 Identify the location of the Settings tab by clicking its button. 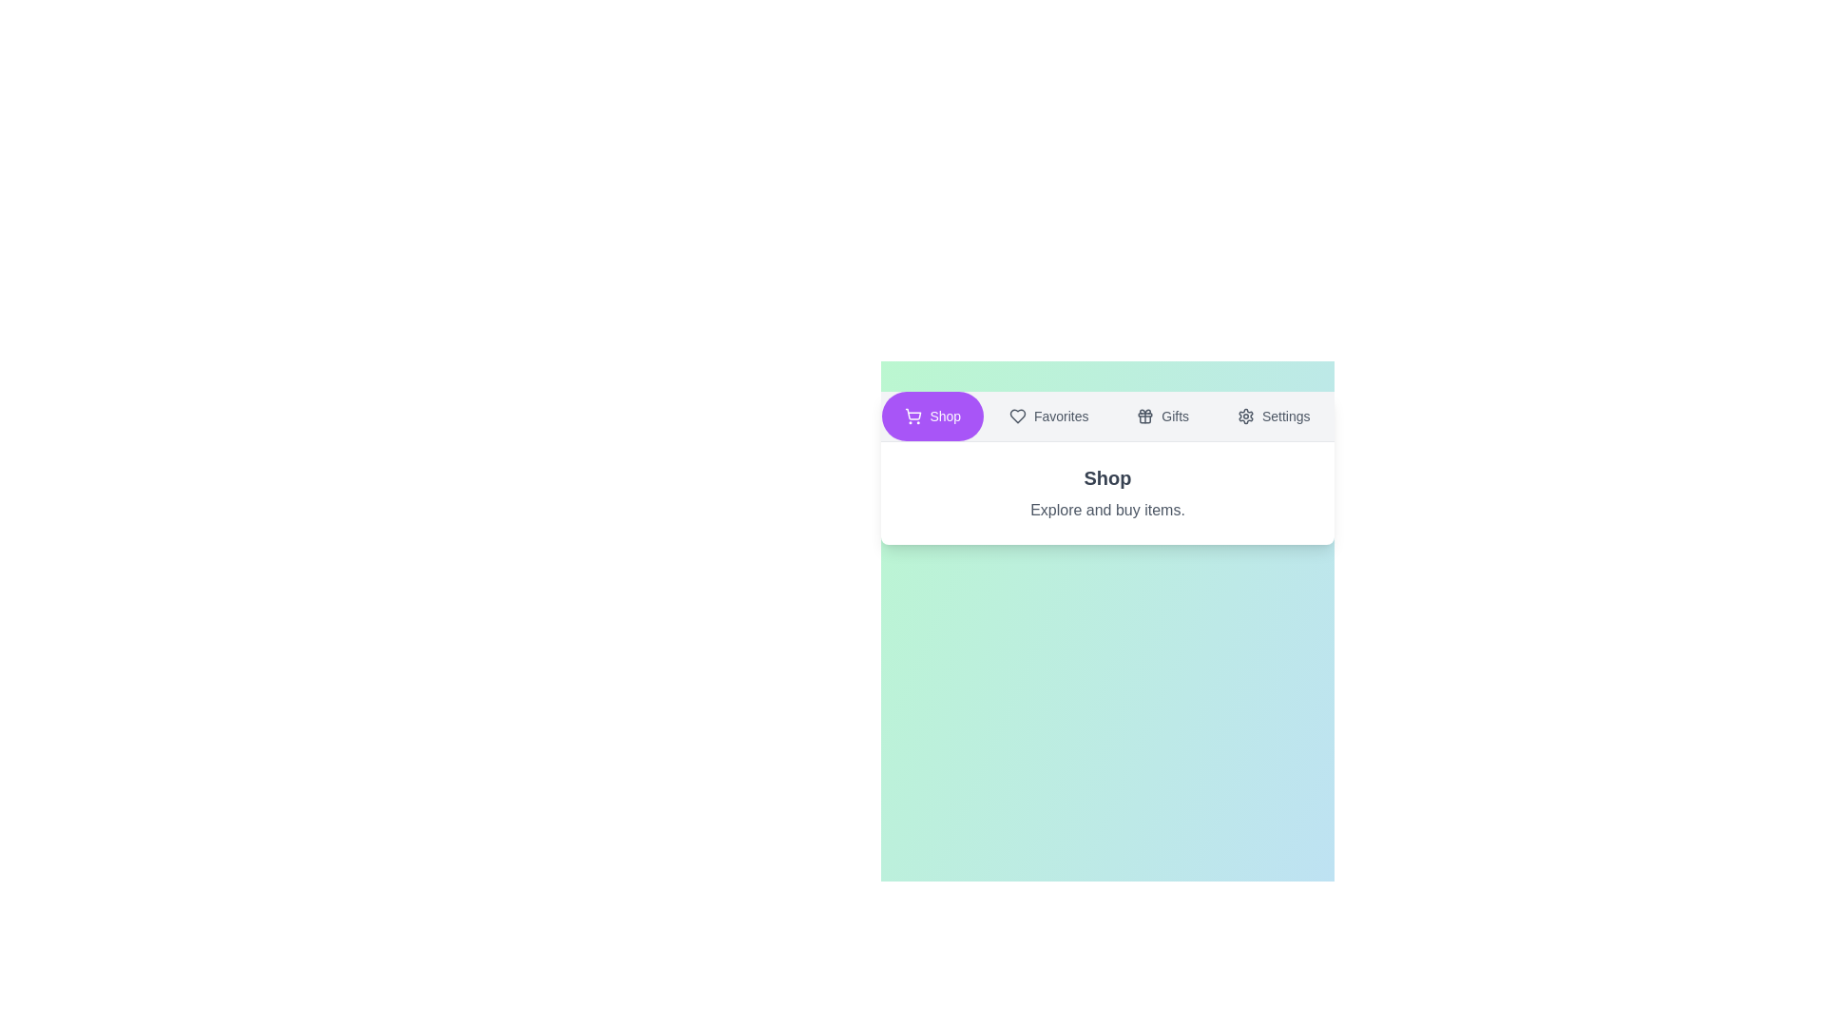
(1274, 416).